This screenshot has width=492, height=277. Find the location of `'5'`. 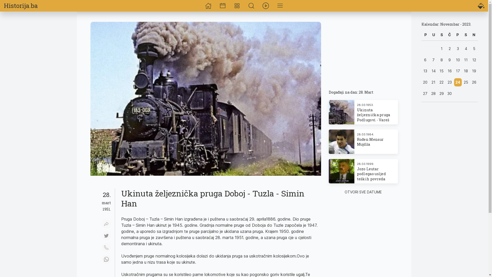

'5' is located at coordinates (474, 48).